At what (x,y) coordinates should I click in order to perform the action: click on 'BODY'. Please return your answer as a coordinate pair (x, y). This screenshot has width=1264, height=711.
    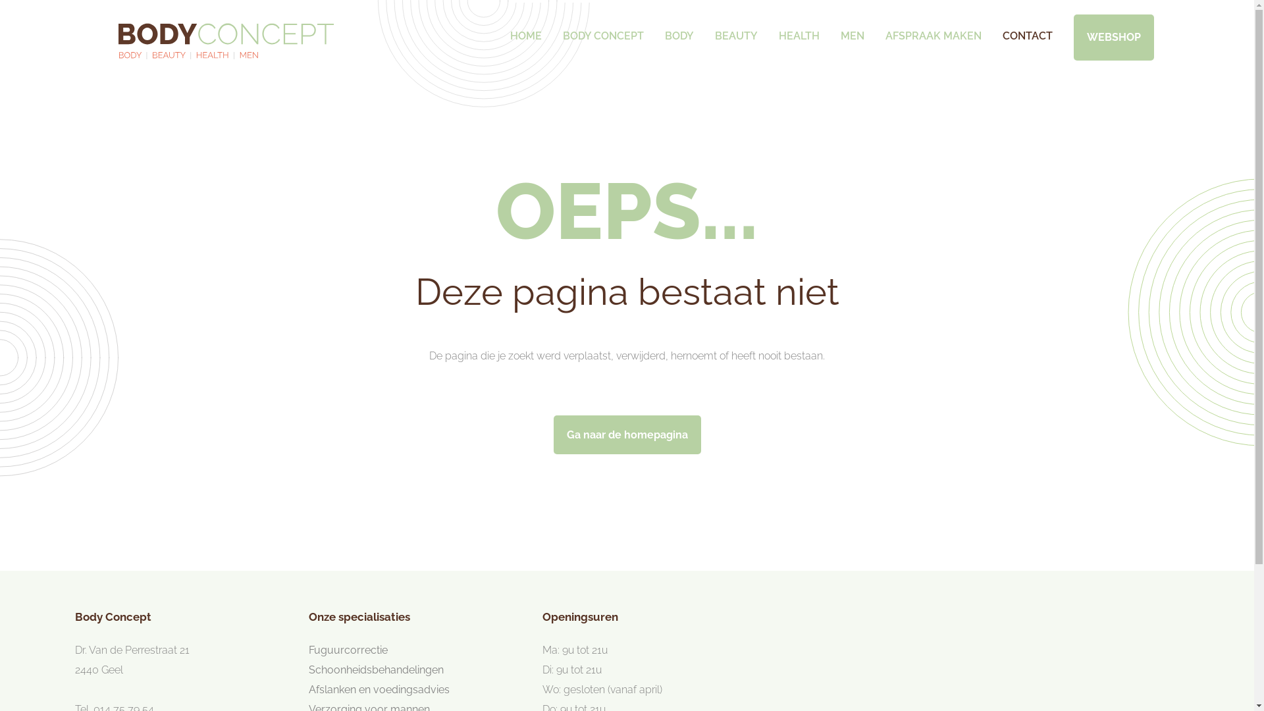
    Looking at the image, I should click on (679, 28).